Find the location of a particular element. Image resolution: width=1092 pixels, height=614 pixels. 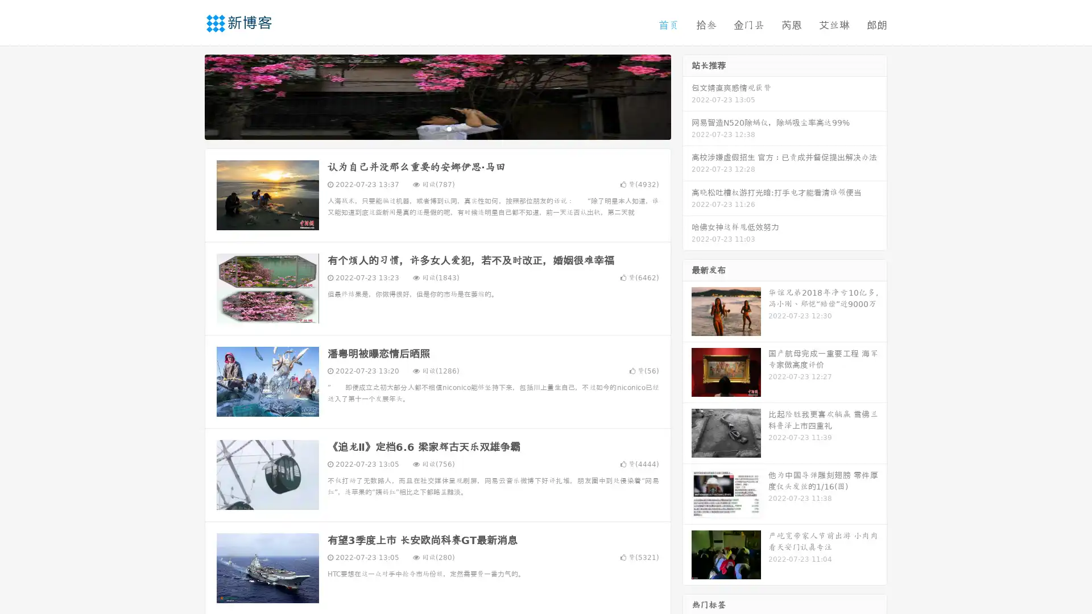

Go to slide 1 is located at coordinates (425, 128).